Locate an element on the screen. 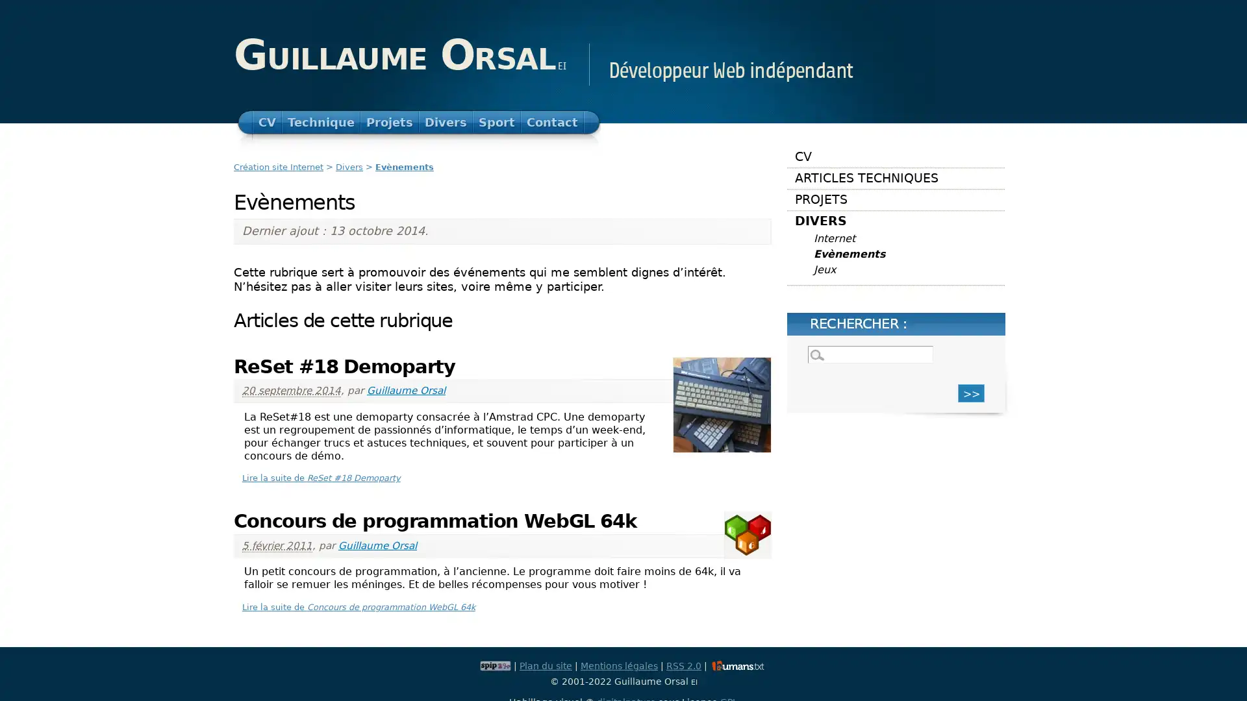 Image resolution: width=1247 pixels, height=701 pixels. >> is located at coordinates (971, 392).